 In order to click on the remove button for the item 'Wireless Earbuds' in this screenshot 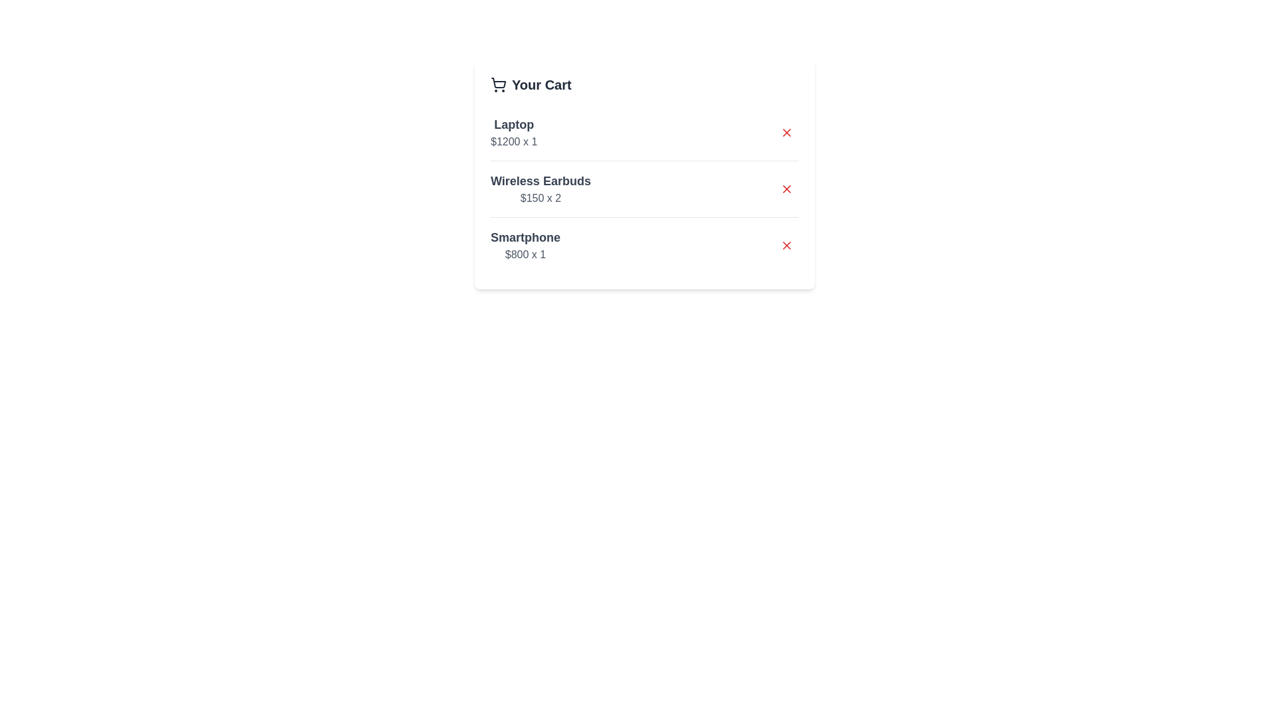, I will do `click(787, 189)`.